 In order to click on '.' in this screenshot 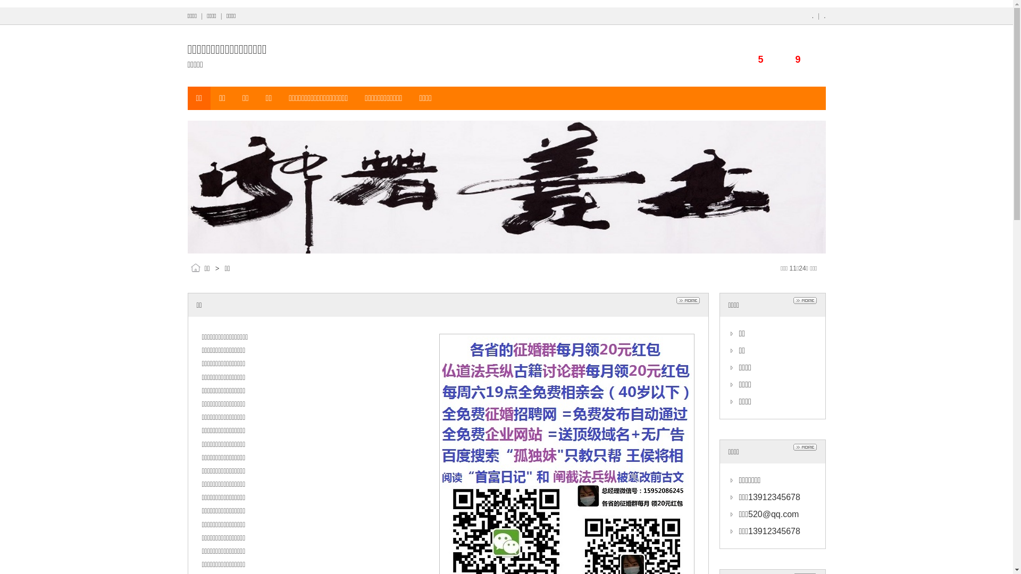, I will do `click(824, 16)`.